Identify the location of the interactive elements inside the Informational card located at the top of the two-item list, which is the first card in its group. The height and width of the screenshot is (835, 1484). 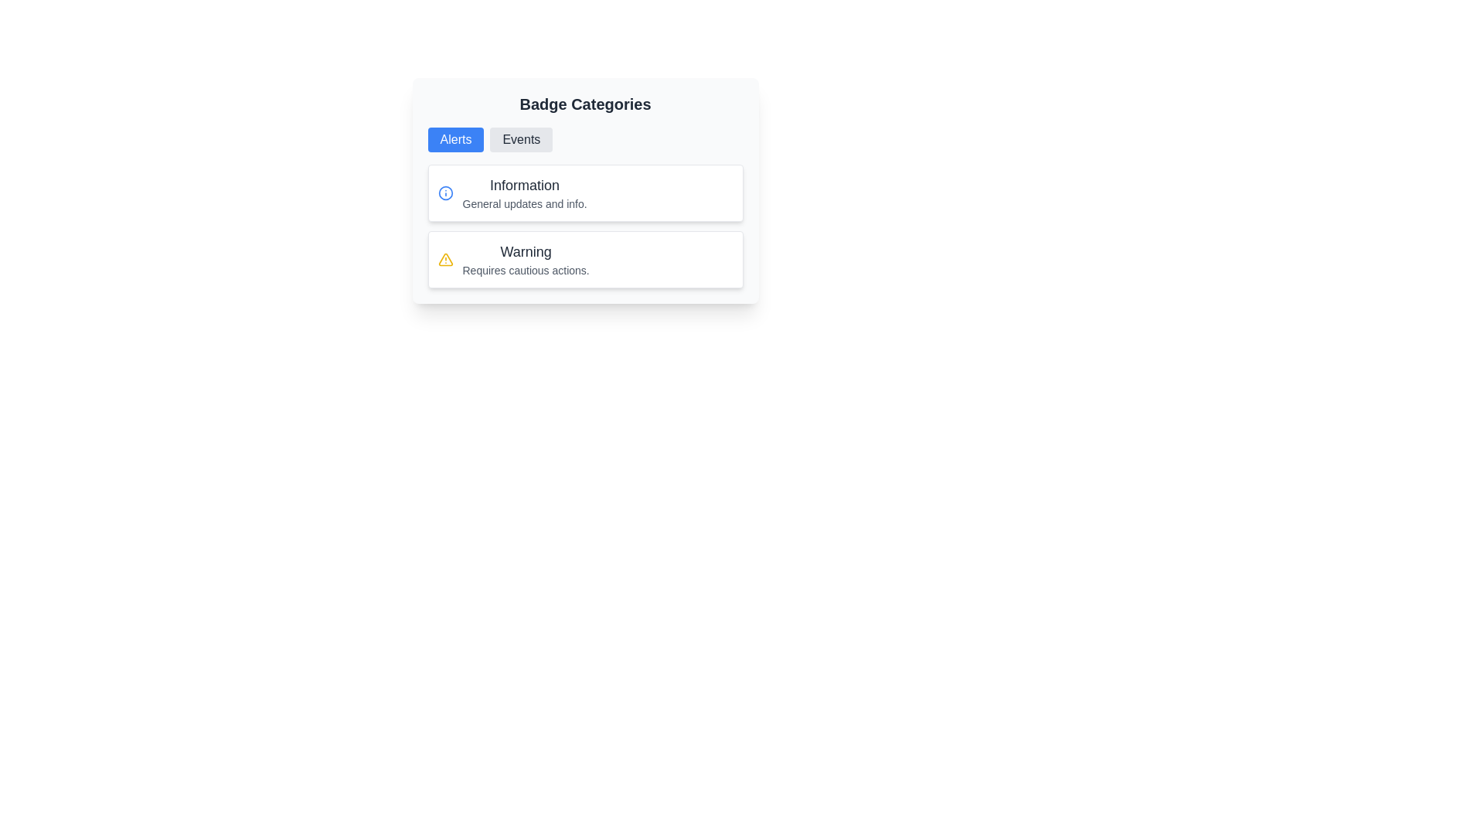
(584, 193).